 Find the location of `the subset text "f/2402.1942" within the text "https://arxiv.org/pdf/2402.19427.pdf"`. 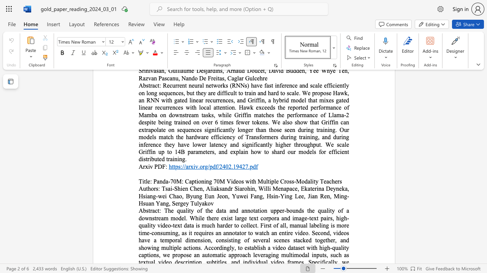

the subset text "f/2402.1942" within the text "https://arxiv.org/pdf/2402.19427.pdf" is located at coordinates (215, 166).